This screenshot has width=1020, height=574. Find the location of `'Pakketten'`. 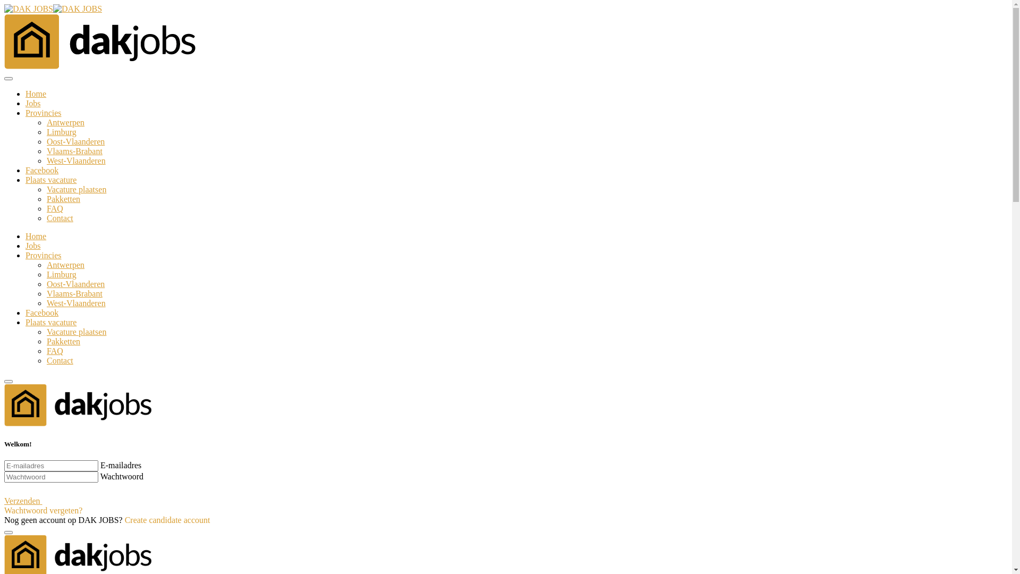

'Pakketten' is located at coordinates (46, 341).